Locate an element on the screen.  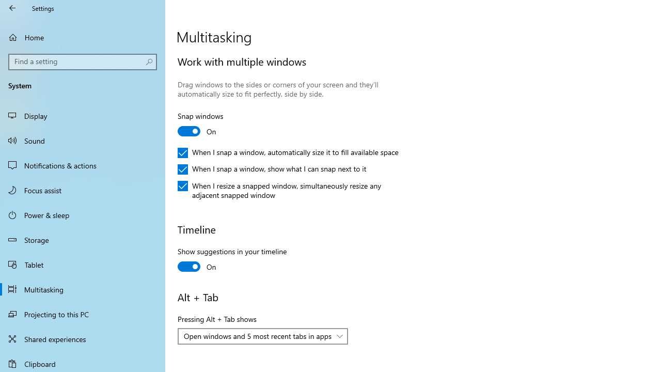
'Storage' is located at coordinates (83, 240).